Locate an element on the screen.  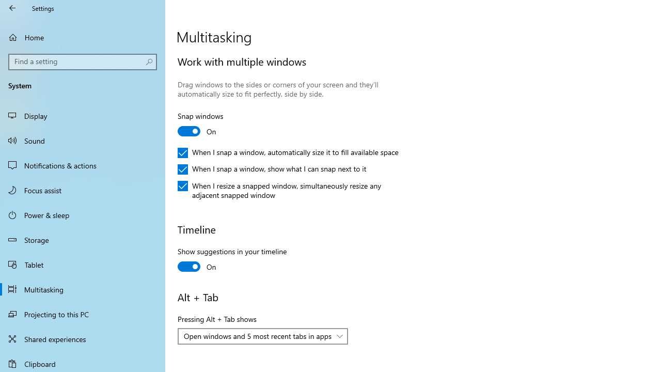
'Storage' is located at coordinates (83, 240).